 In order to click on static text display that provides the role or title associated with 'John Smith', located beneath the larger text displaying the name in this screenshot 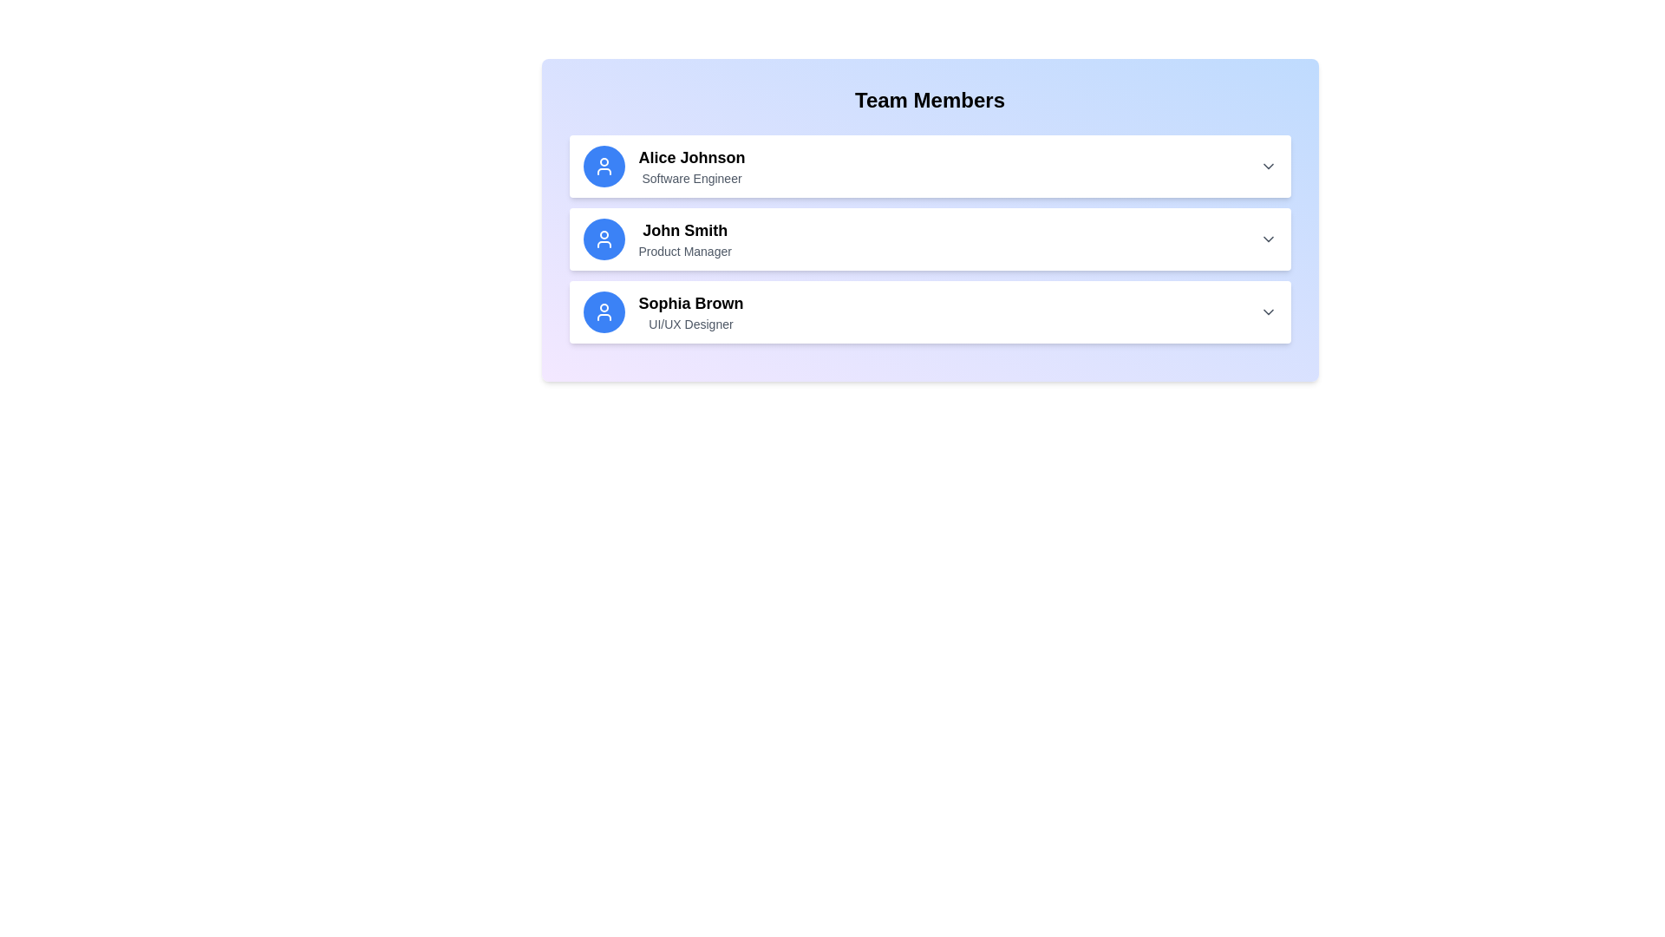, I will do `click(684, 251)`.